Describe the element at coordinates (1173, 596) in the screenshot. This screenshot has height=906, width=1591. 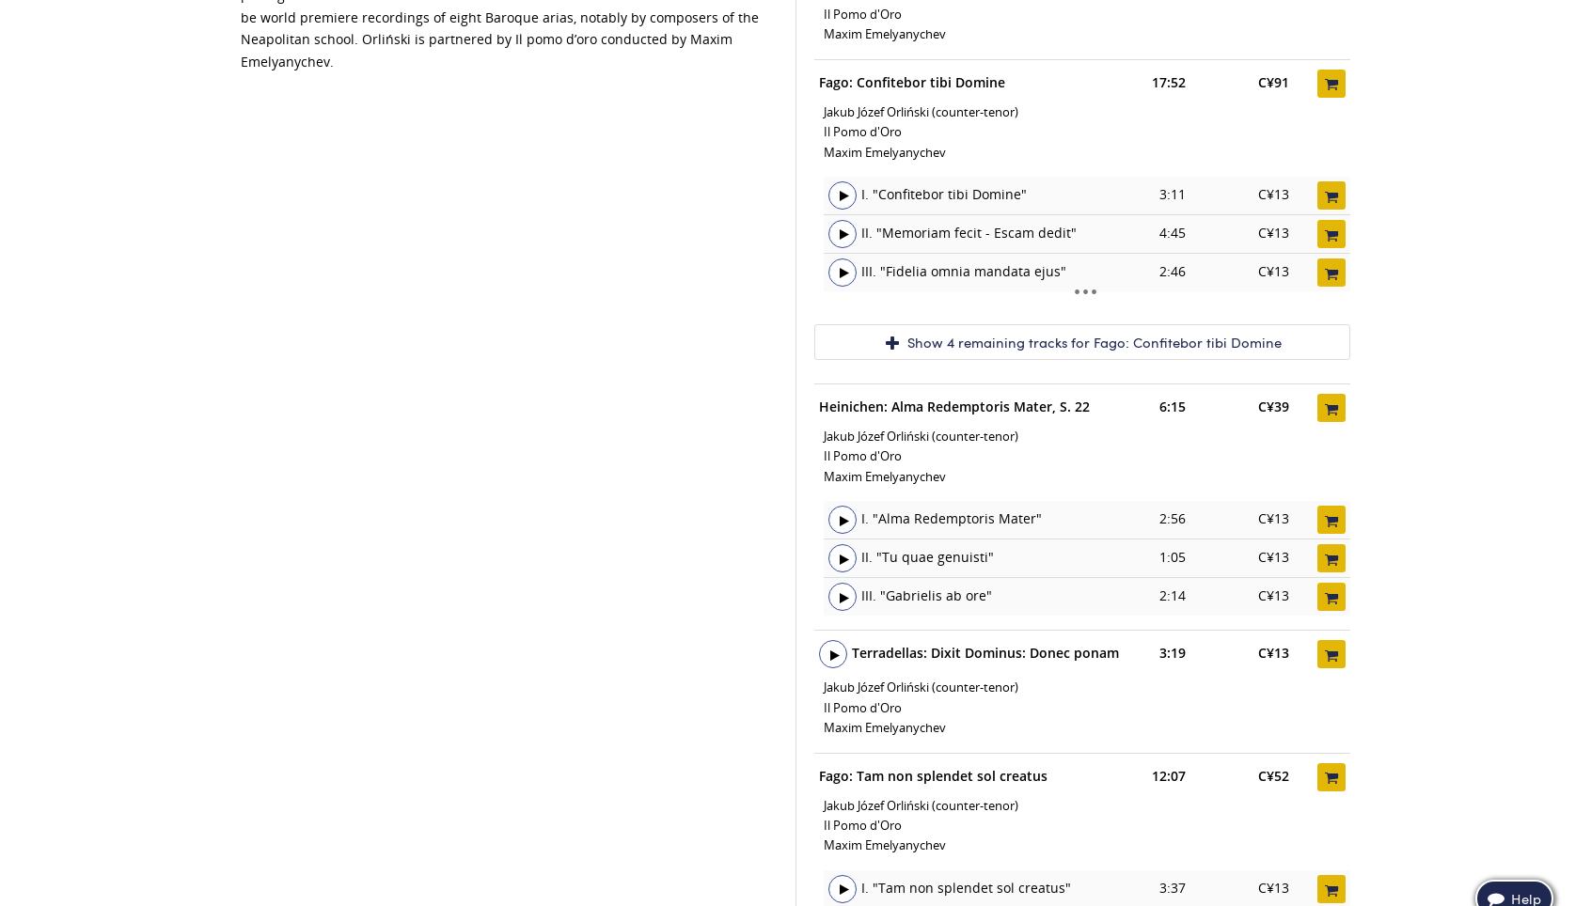
I see `'2:14'` at that location.